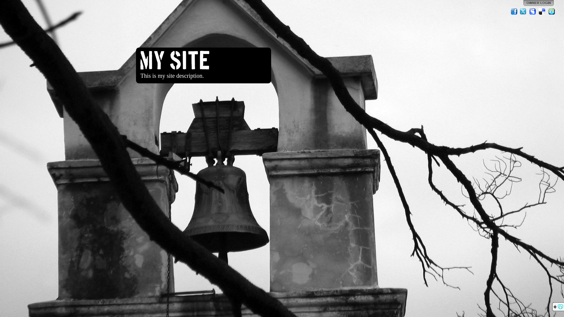 This screenshot has width=564, height=317. Describe the element at coordinates (547, 11) in the screenshot. I see `'StumbleUpon'` at that location.